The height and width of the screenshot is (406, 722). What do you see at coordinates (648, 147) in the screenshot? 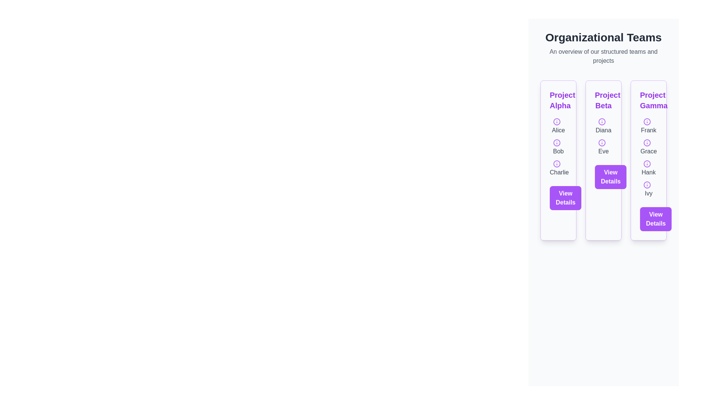
I see `the text label for 'Grace' associated with 'Project Gamma', which is the third entry` at bounding box center [648, 147].